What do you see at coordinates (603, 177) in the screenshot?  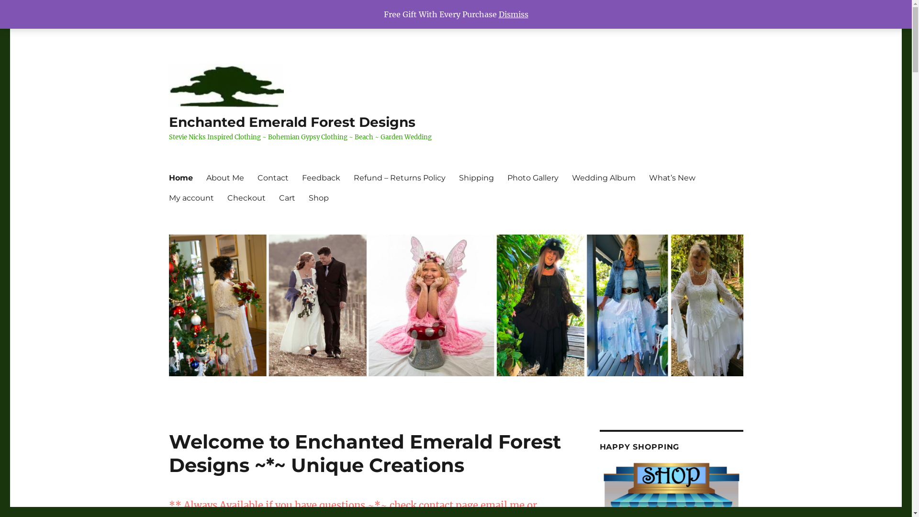 I see `'Wedding Album'` at bounding box center [603, 177].